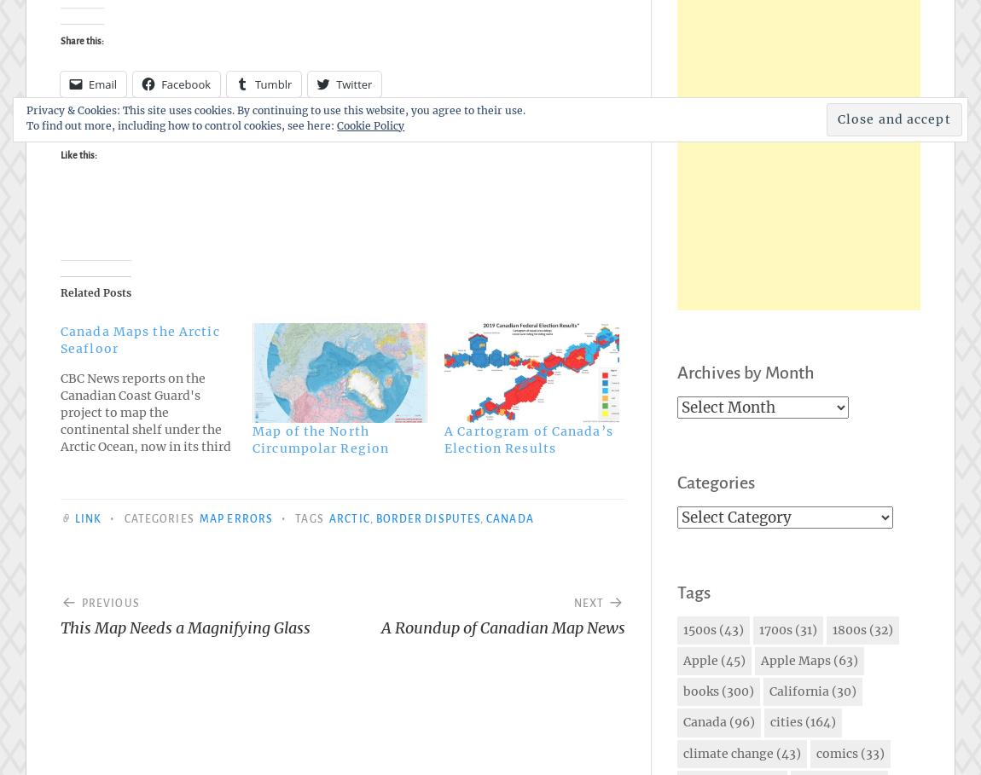 The width and height of the screenshot is (981, 775). Describe the element at coordinates (717, 660) in the screenshot. I see `'(45)'` at that location.